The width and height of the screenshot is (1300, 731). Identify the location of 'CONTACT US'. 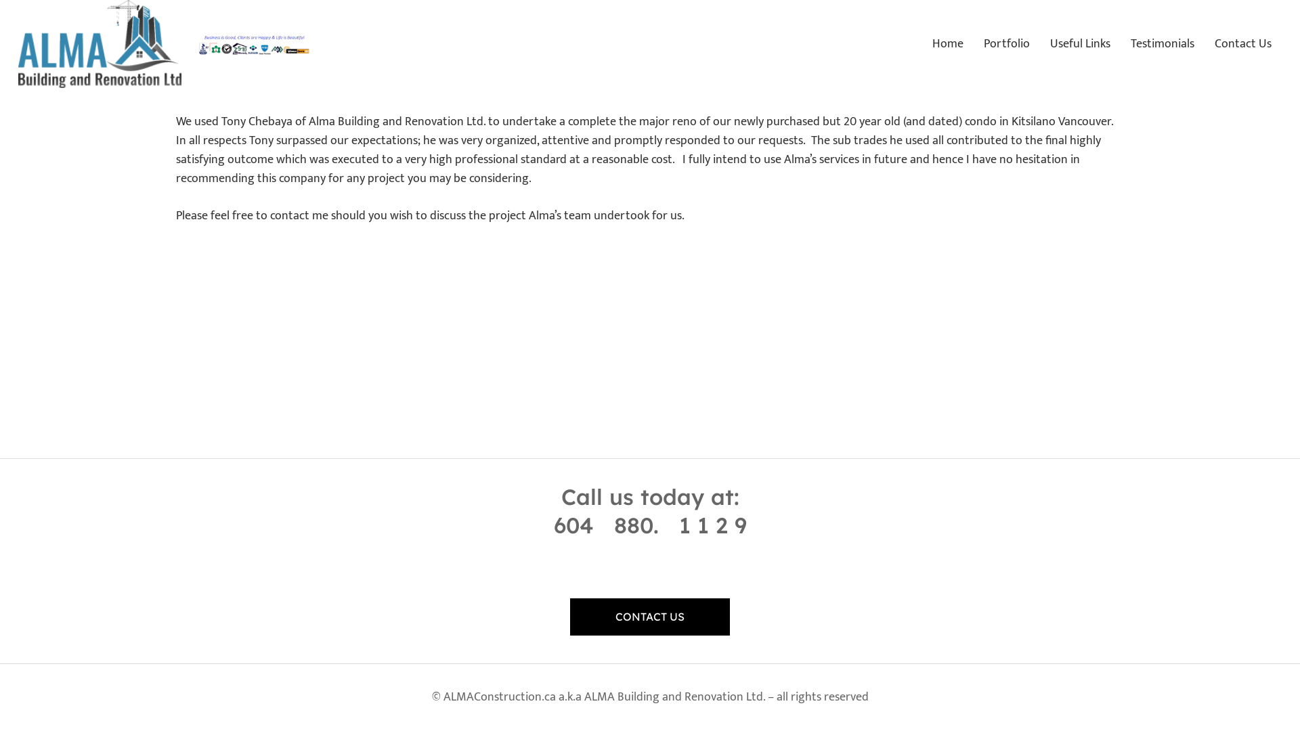
(650, 616).